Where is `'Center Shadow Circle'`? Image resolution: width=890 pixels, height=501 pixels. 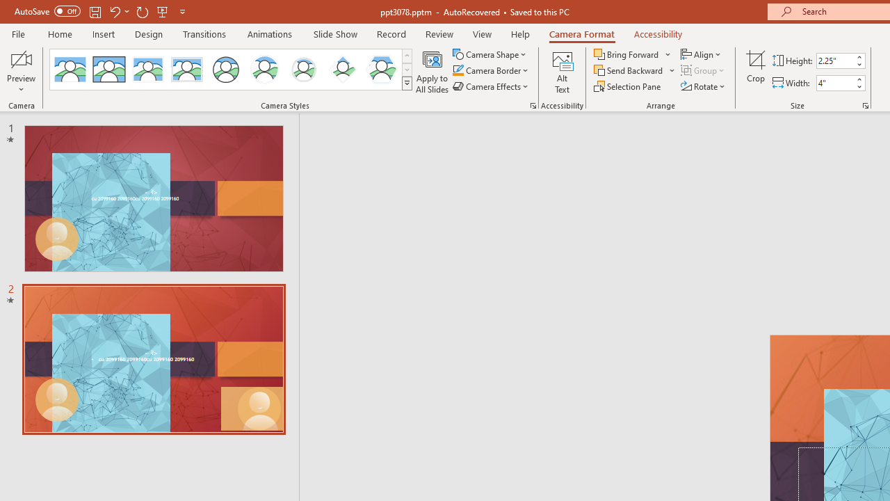
'Center Shadow Circle' is located at coordinates (265, 70).